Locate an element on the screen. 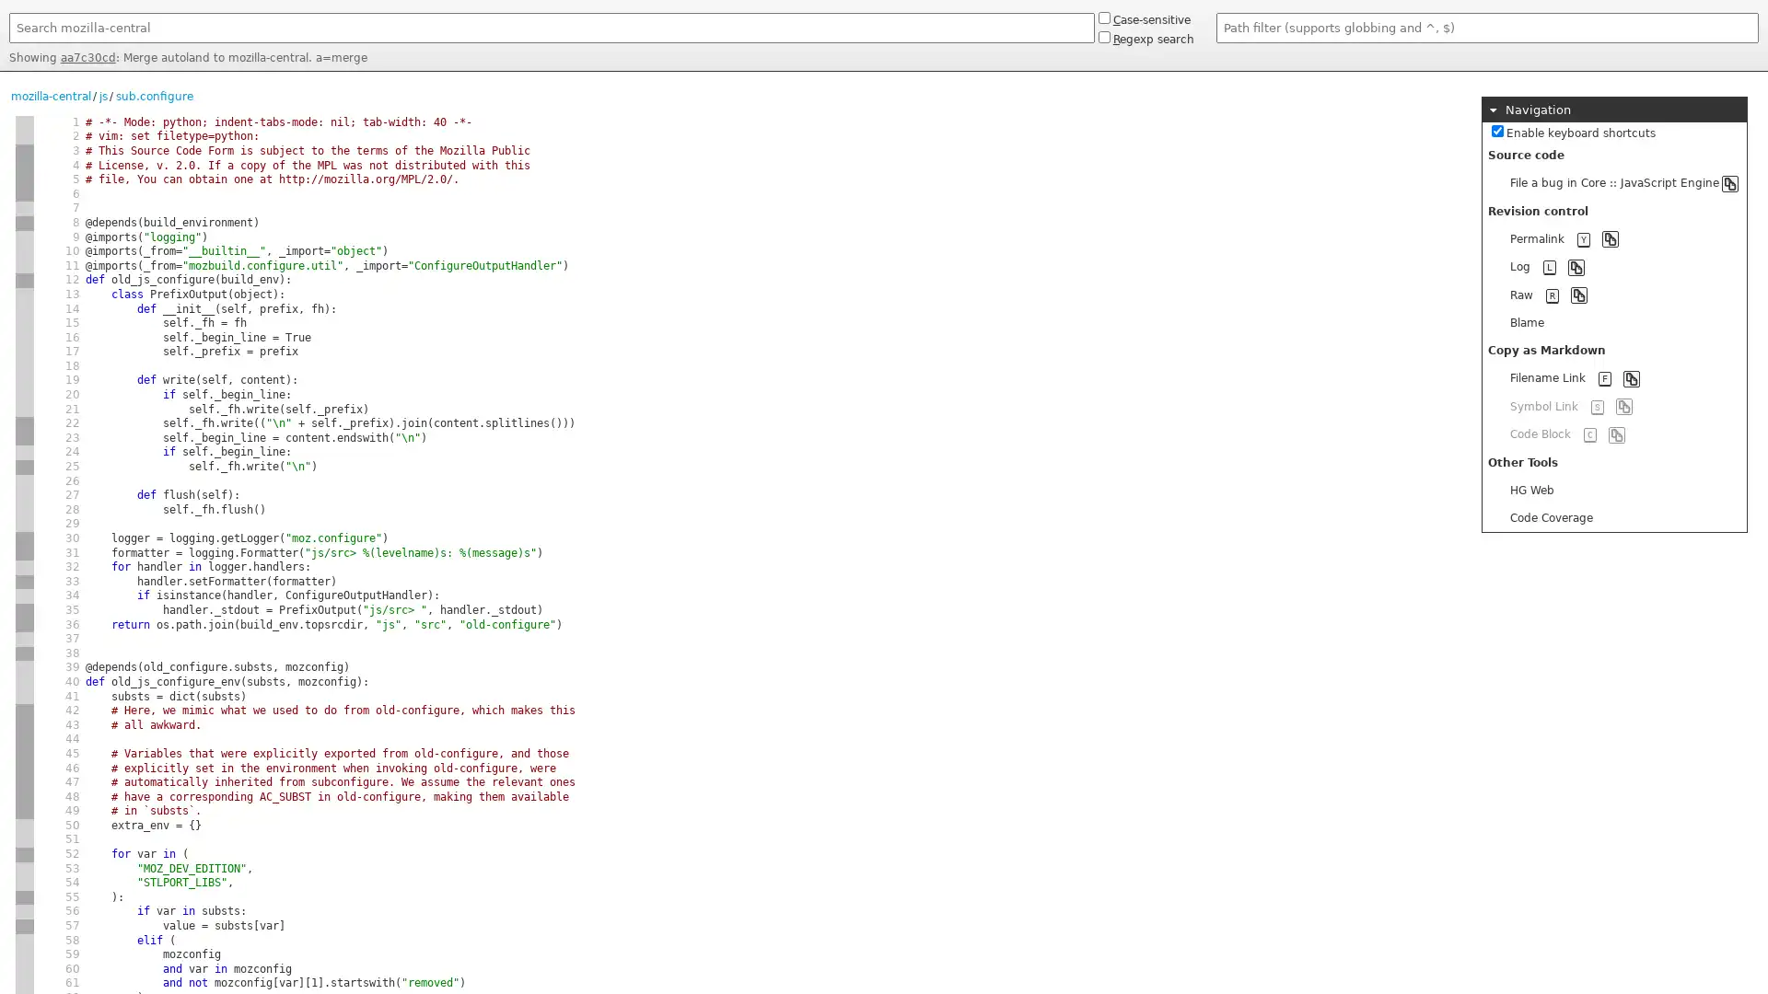 This screenshot has height=994, width=1768. new hash 4 is located at coordinates (25, 222).